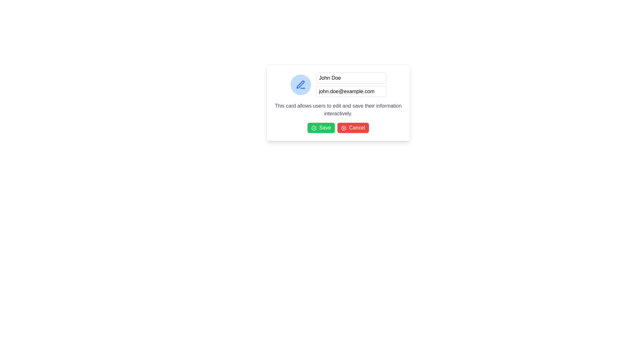  Describe the element at coordinates (300, 84) in the screenshot. I see `the blue pen icon located within a circle, positioned to the left of the user's name and email text fields in the avatar section of the main form card` at that location.